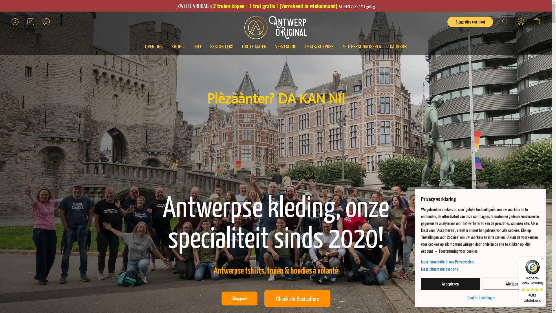  I want to click on 'Ga naar winkelwagen', so click(536, 21).